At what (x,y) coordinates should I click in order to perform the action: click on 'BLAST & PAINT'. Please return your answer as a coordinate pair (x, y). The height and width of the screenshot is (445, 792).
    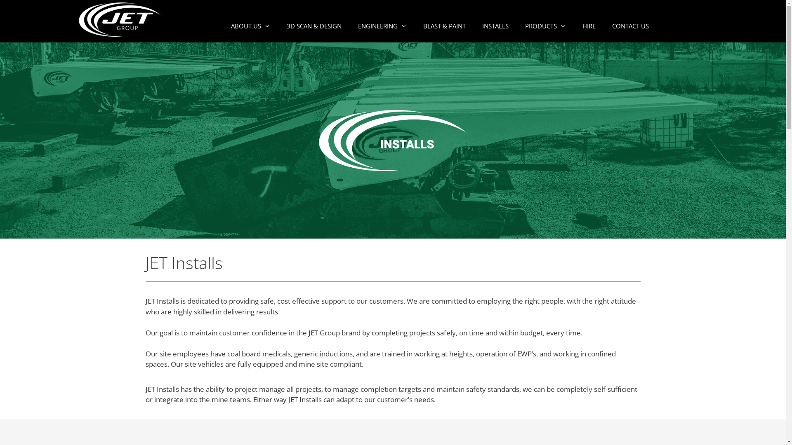
    Looking at the image, I should click on (444, 25).